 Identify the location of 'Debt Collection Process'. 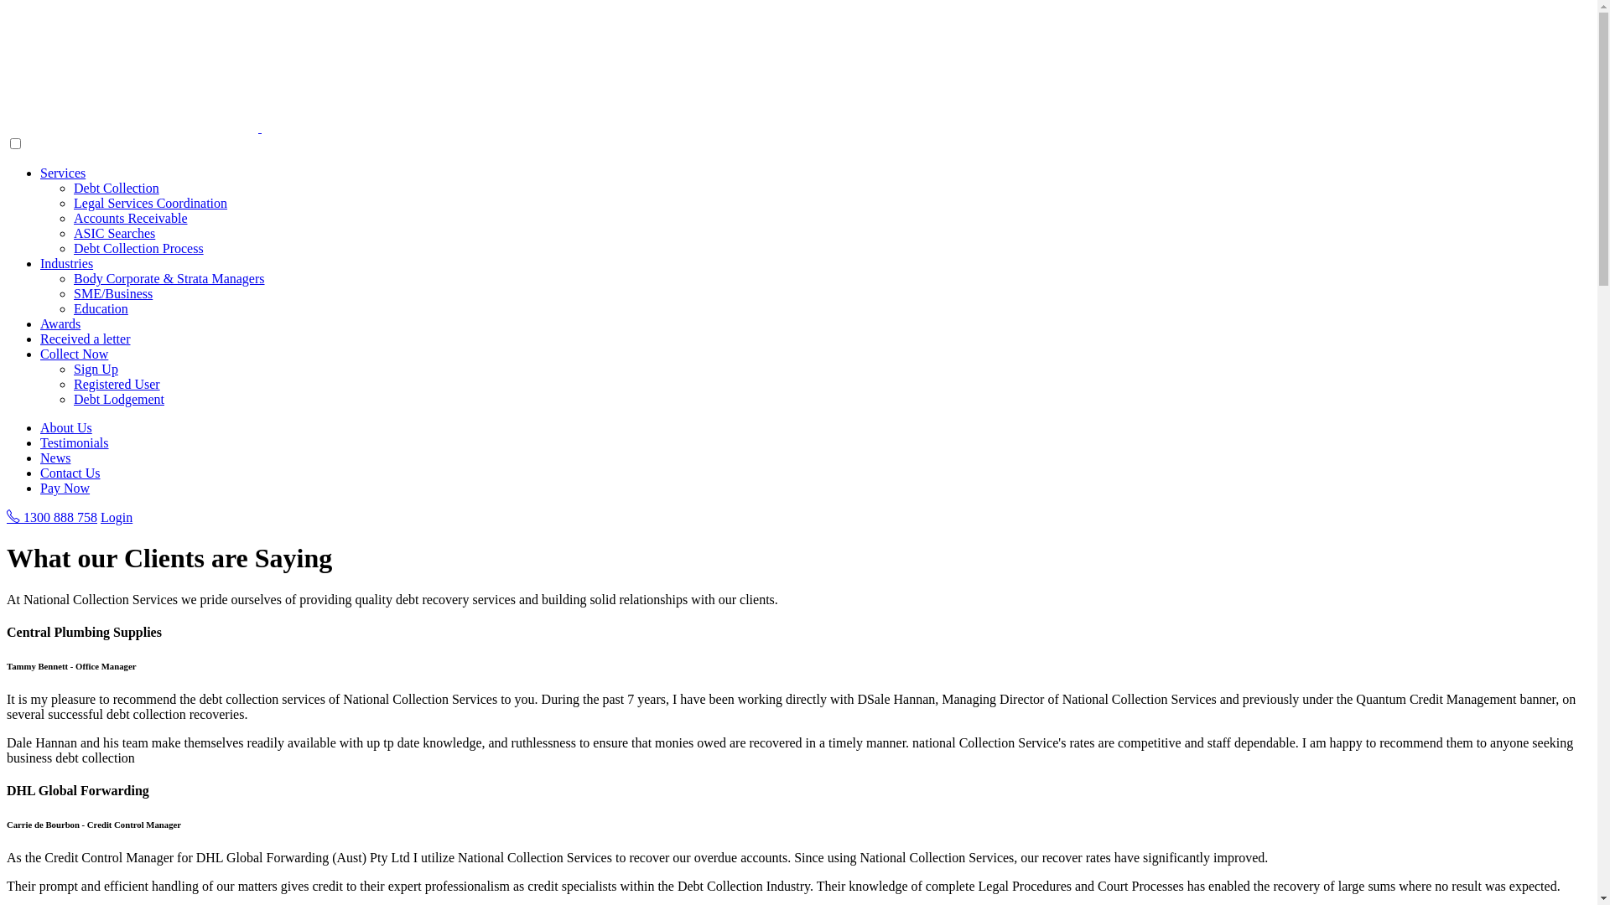
(138, 248).